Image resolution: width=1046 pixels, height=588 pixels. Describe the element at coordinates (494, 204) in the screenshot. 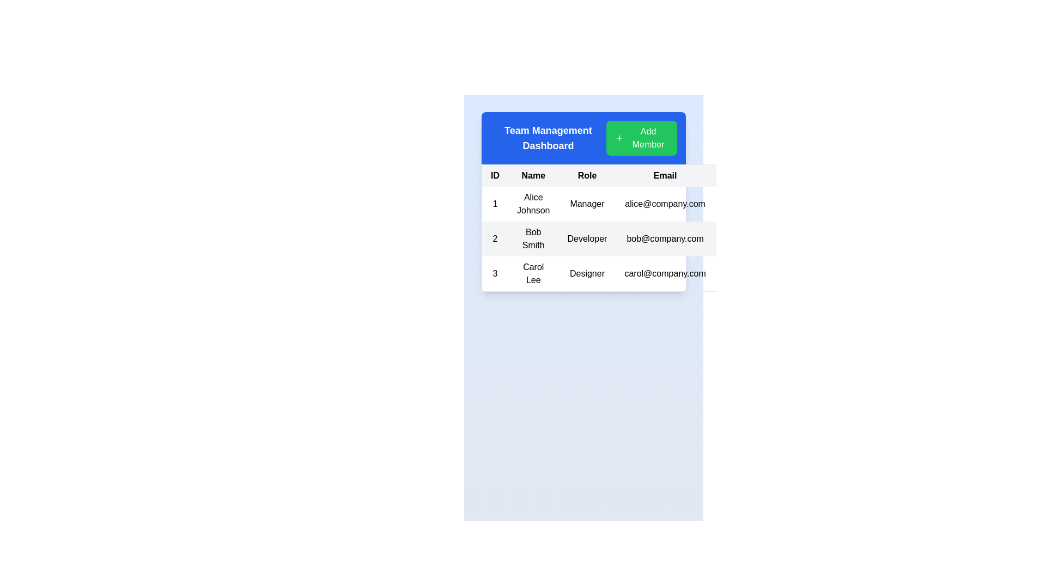

I see `the Label representing the unique identifier for 'Alice Johnson' in the first column of the first data row under the 'ID' header` at that location.